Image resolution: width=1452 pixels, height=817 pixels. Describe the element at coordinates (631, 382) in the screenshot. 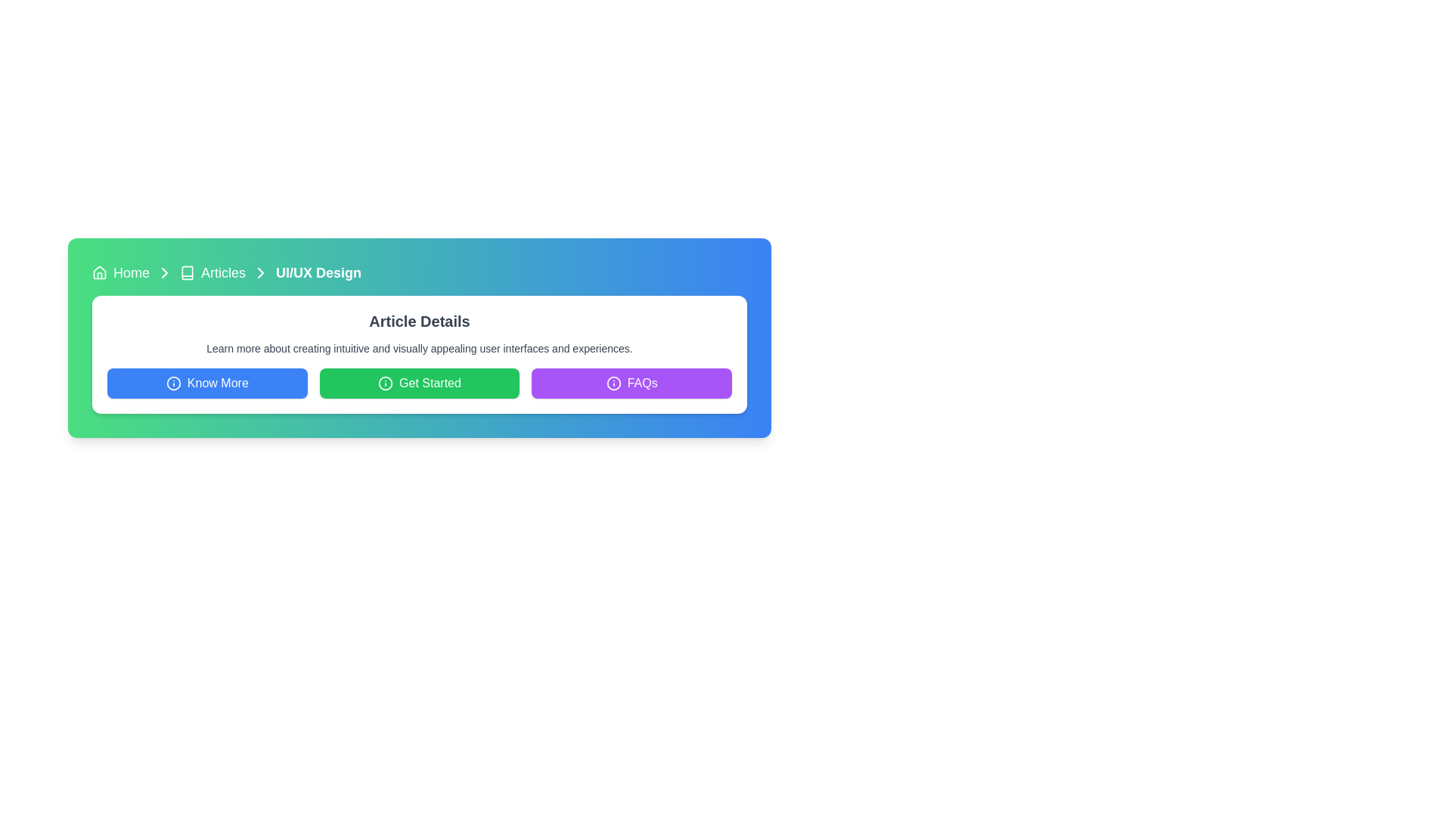

I see `the 'FAQs' button with a purple background and white rounded border` at that location.